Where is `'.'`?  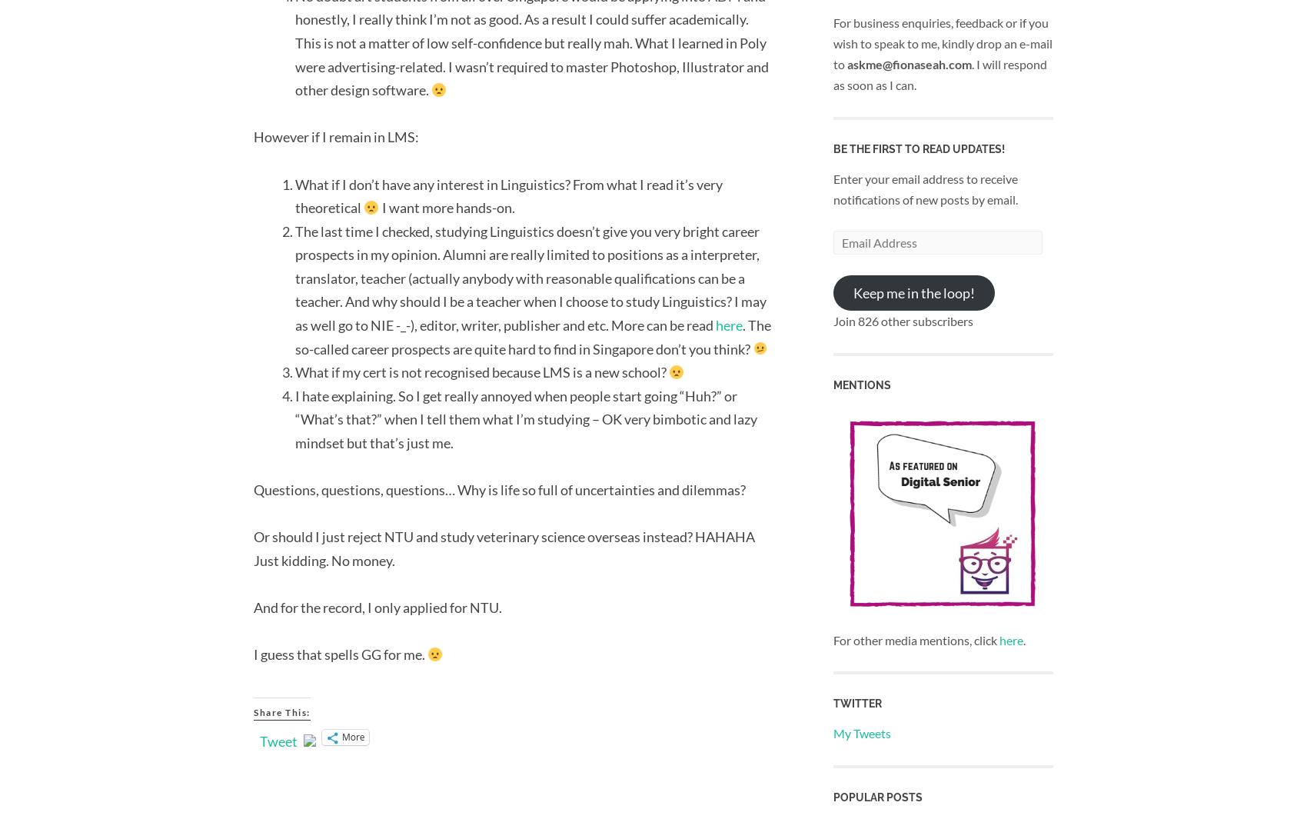
'.' is located at coordinates (1024, 639).